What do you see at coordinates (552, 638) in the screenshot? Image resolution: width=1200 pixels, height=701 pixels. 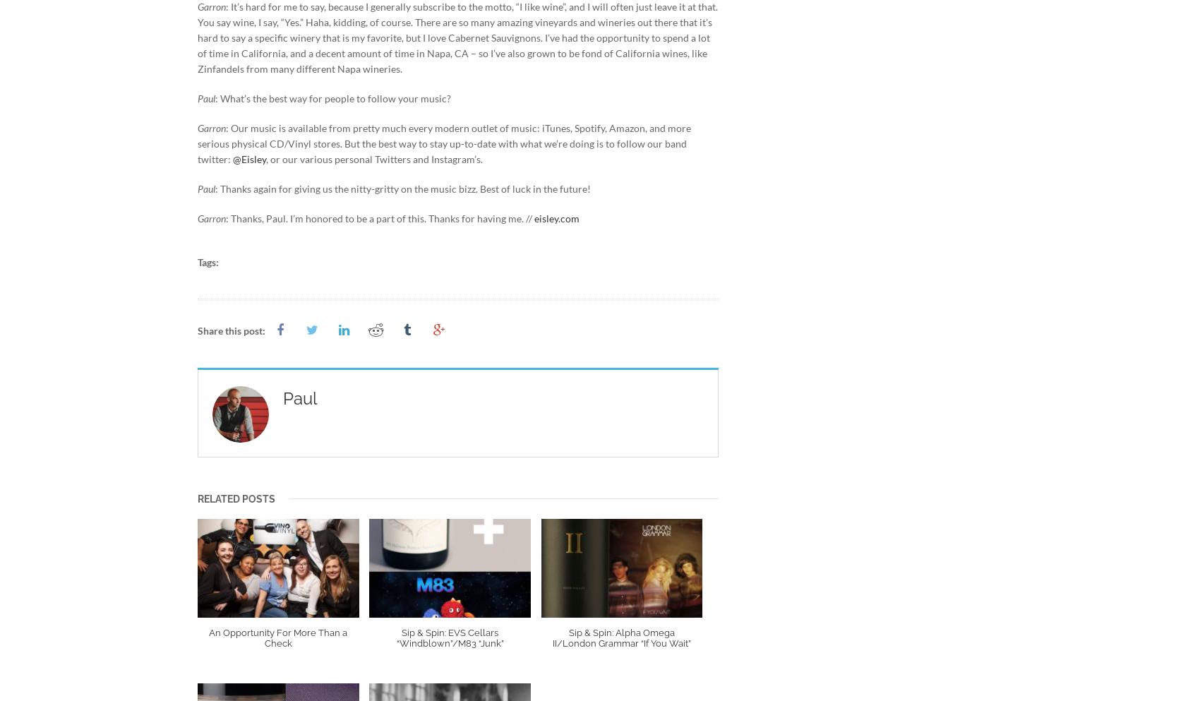 I see `'Sip & Spin: Alpha Omega II/London Grammar “If You Wait”'` at bounding box center [552, 638].